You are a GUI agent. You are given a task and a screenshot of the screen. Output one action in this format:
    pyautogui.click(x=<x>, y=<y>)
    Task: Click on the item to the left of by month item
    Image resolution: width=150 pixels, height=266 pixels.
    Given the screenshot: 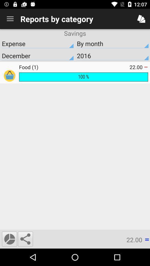 What is the action you would take?
    pyautogui.click(x=37, y=43)
    